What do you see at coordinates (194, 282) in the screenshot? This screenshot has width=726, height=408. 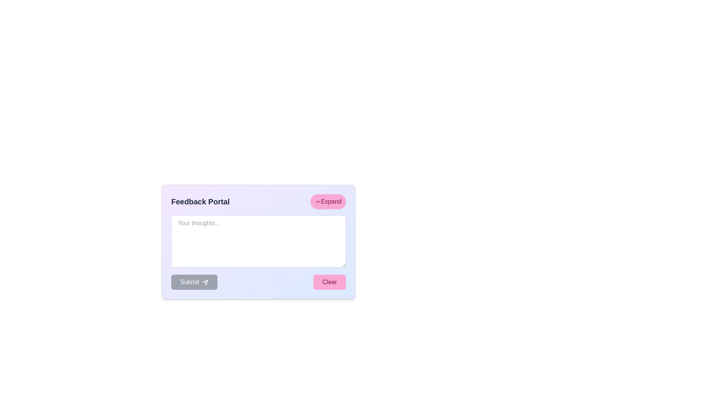 I see `the 'Submit' button, which is a rectangular button with rounded corners, gray background, and white text, to observe any hover effect` at bounding box center [194, 282].